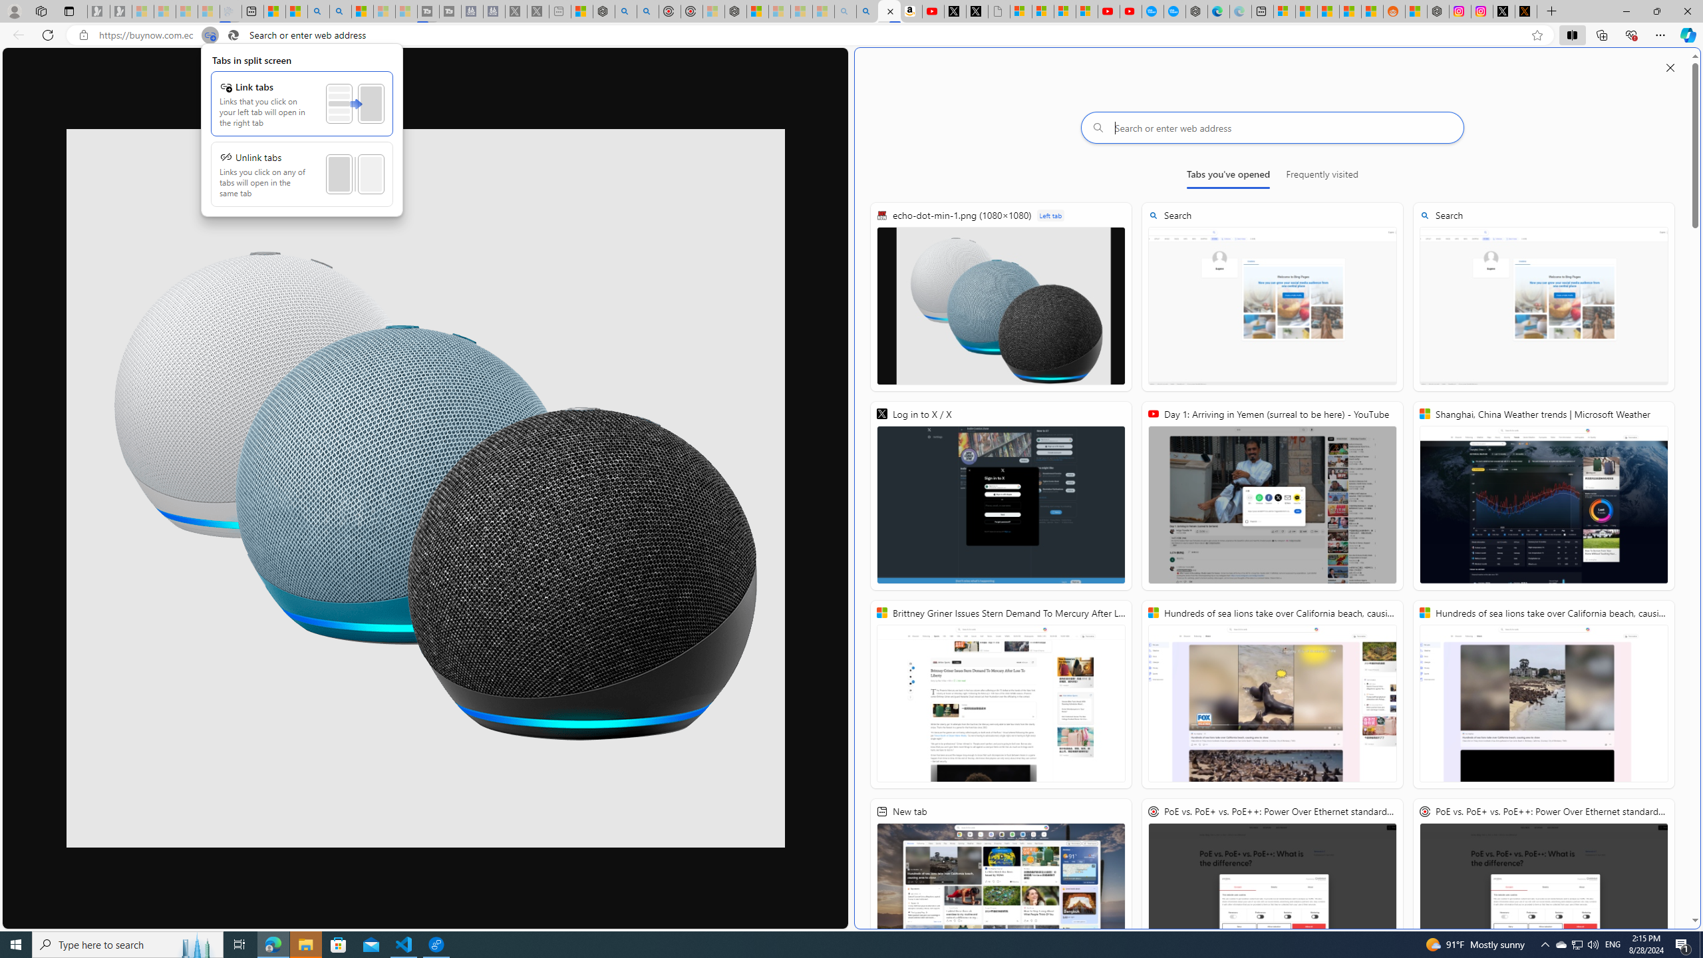 This screenshot has width=1703, height=958. I want to click on 'App bar', so click(851, 35).